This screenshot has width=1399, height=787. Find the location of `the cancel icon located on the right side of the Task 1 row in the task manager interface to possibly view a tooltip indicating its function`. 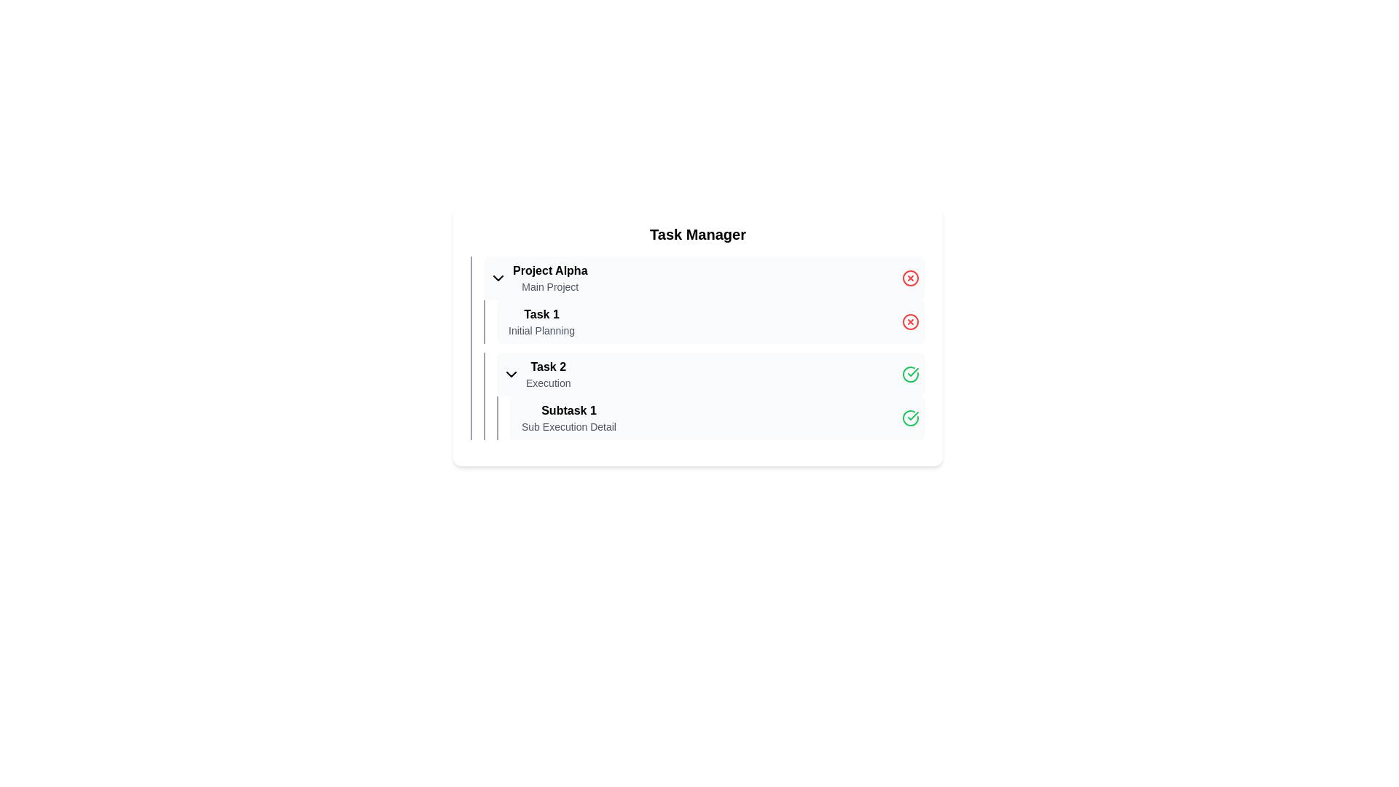

the cancel icon located on the right side of the Task 1 row in the task manager interface to possibly view a tooltip indicating its function is located at coordinates (909, 321).